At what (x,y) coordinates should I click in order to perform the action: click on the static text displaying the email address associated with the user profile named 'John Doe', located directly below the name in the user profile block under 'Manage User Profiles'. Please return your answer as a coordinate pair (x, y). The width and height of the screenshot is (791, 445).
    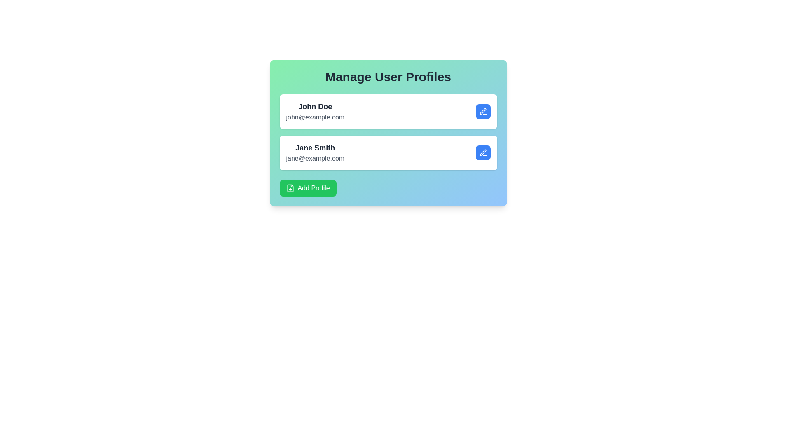
    Looking at the image, I should click on (315, 117).